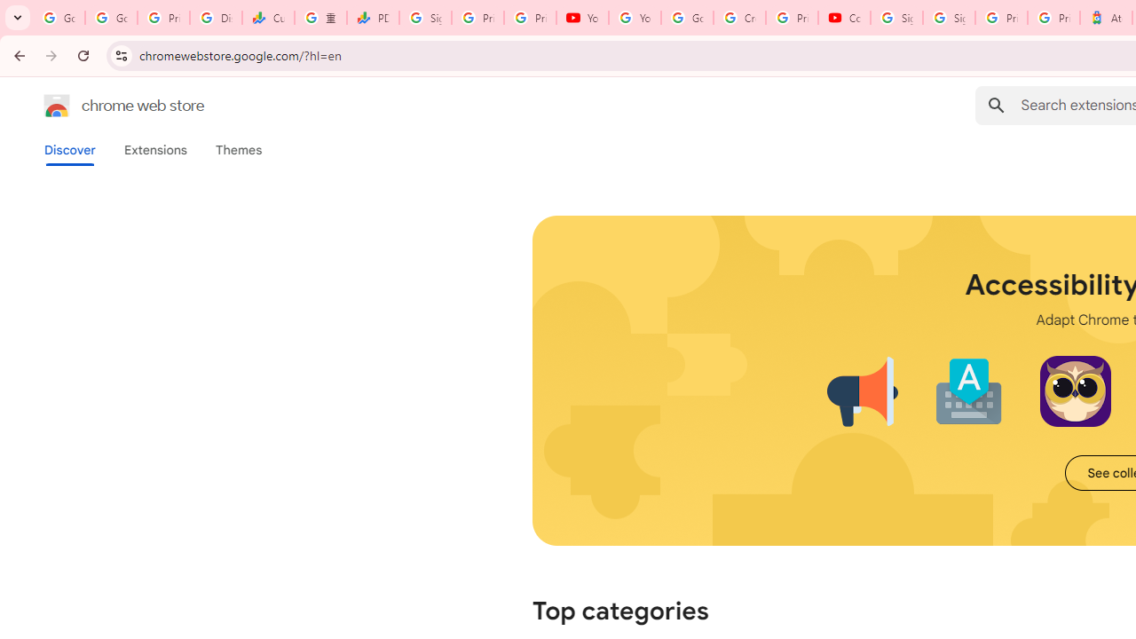 The height and width of the screenshot is (639, 1136). What do you see at coordinates (51, 54) in the screenshot?
I see `'Forward'` at bounding box center [51, 54].